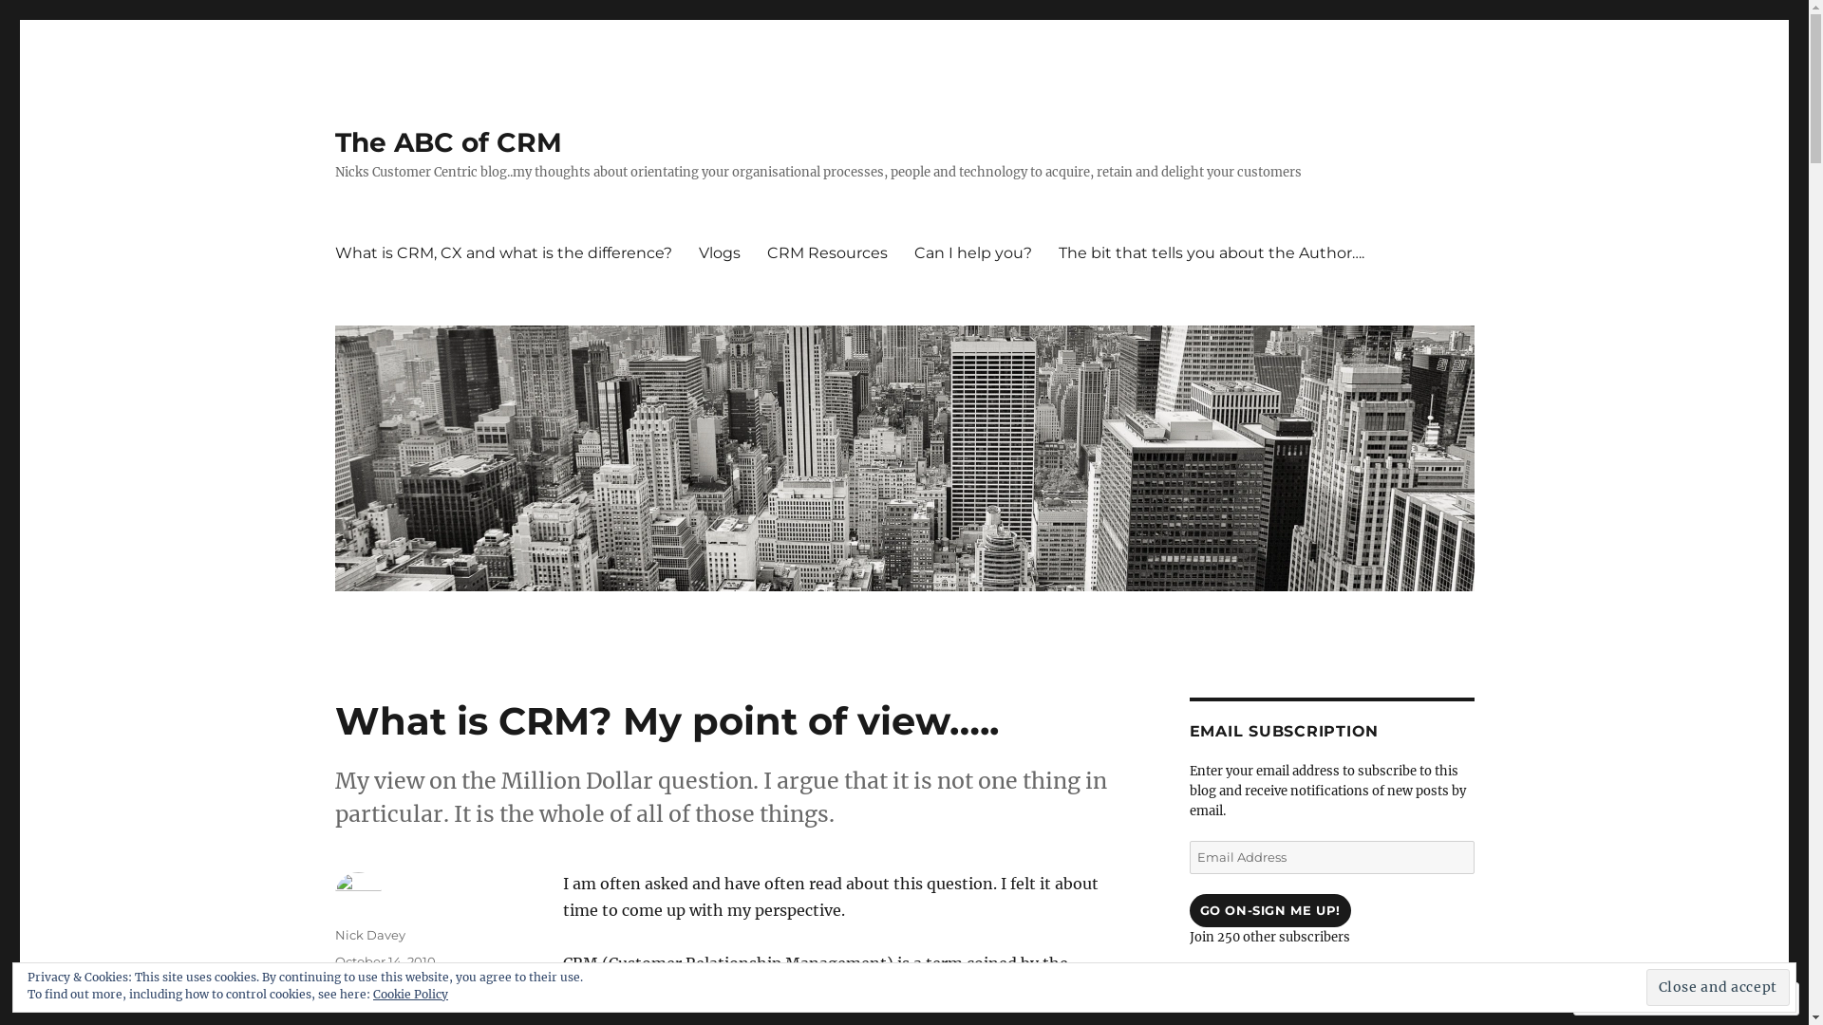  I want to click on 'Cookie Policy', so click(409, 993).